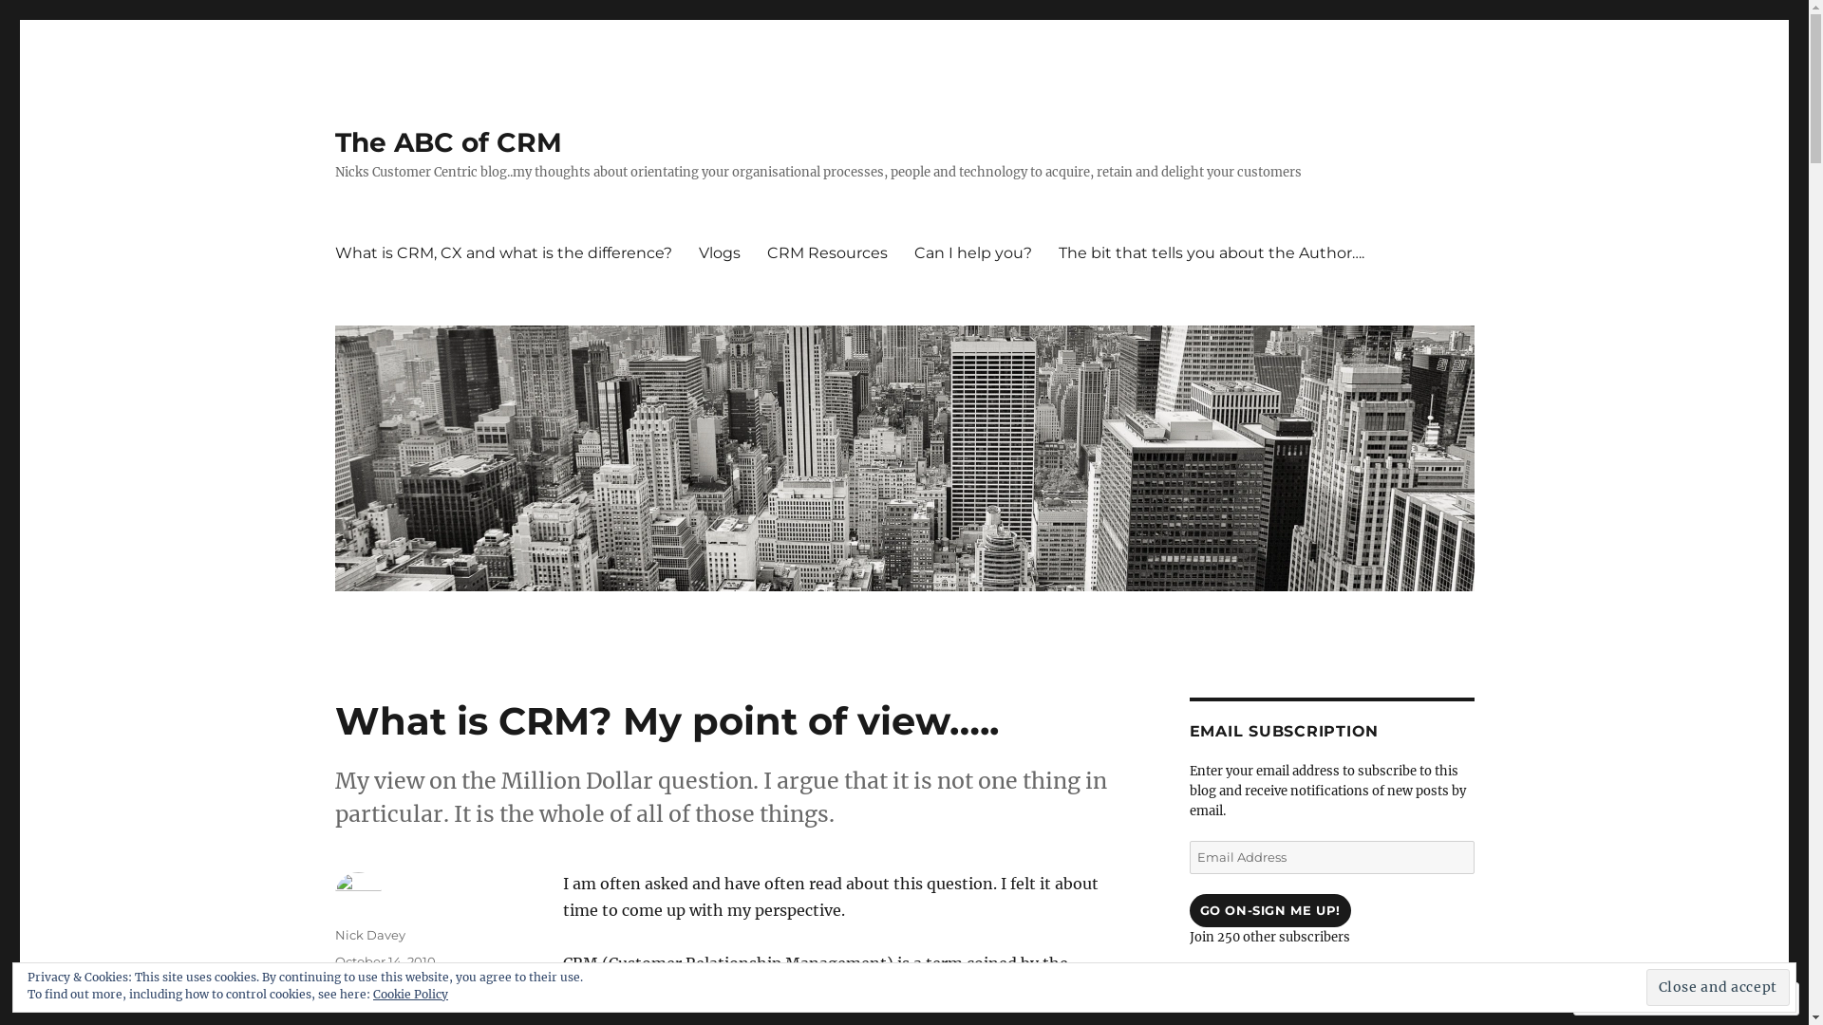  I want to click on 'Cookie Policy', so click(409, 993).